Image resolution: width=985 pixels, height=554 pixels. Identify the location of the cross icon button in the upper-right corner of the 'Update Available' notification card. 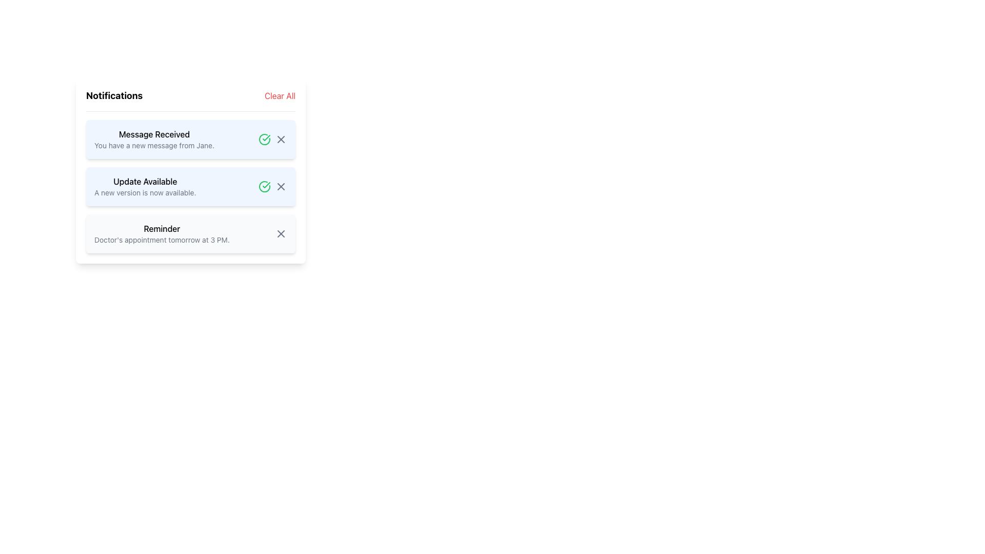
(281, 186).